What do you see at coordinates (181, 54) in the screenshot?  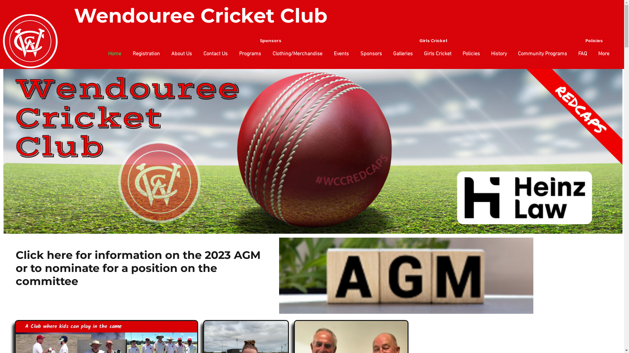 I see `'About Us'` at bounding box center [181, 54].